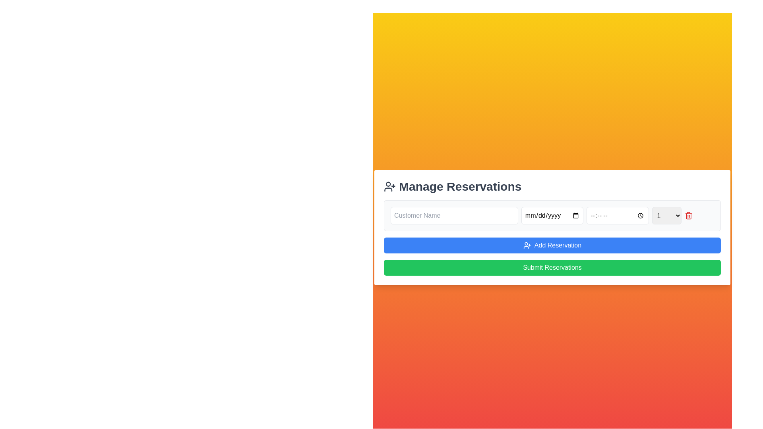  I want to click on the small circular SVG element representing the user's head within the user icon on the left side of the 'Manage Reservations' header, so click(388, 184).